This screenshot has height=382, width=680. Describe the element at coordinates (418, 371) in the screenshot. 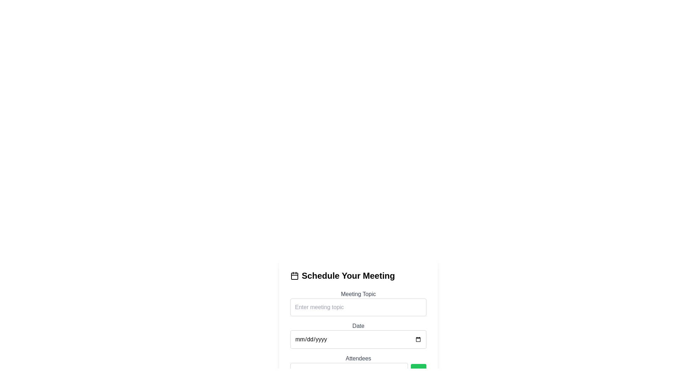

I see `the circular 'add' button located at the bottom right of the form interface beneath the 'Attendees' input field` at that location.